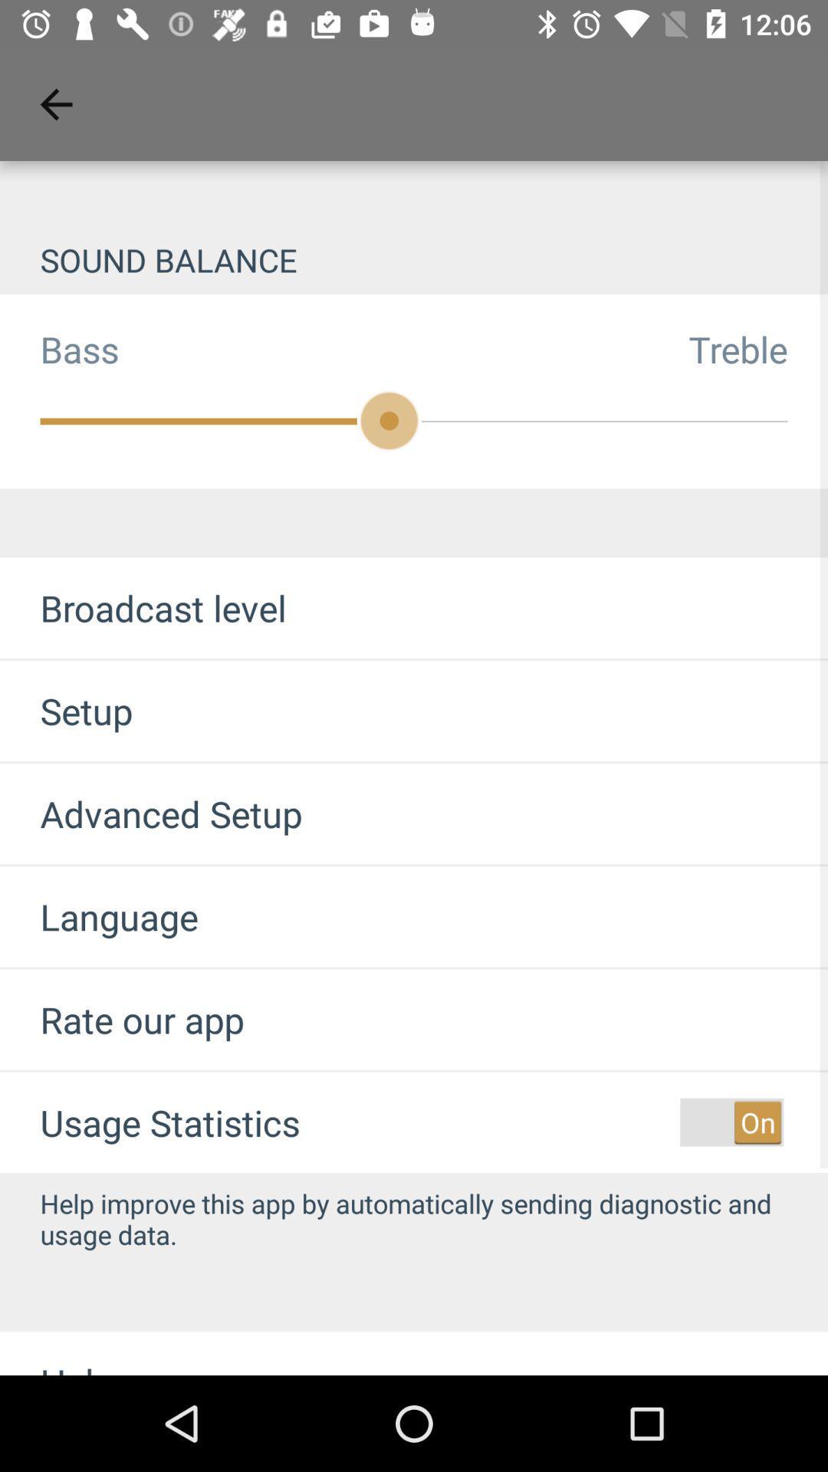 The width and height of the screenshot is (828, 1472). Describe the element at coordinates (151, 813) in the screenshot. I see `the advanced setup icon` at that location.